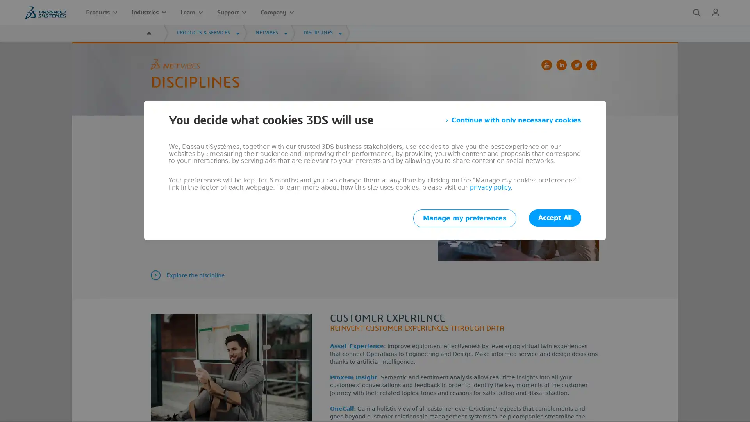  What do you see at coordinates (513, 120) in the screenshot?
I see `Continue with only necessary cookies` at bounding box center [513, 120].